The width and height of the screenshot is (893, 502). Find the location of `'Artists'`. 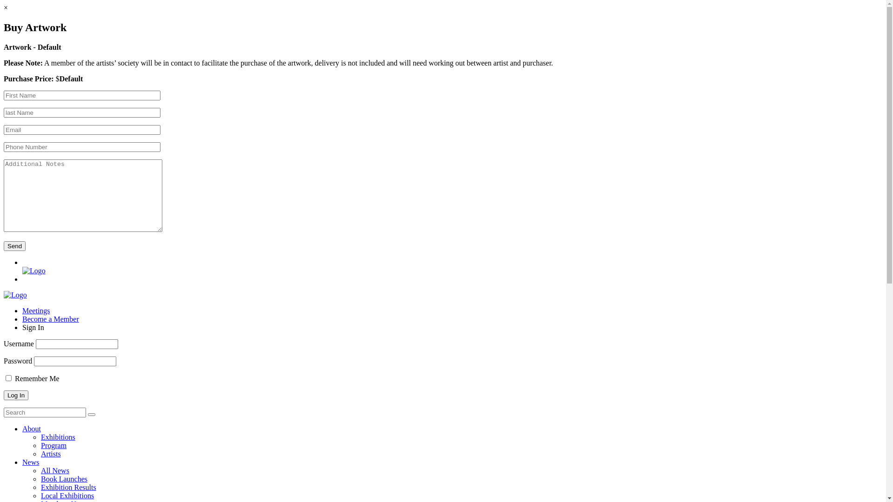

'Artists' is located at coordinates (50, 453).